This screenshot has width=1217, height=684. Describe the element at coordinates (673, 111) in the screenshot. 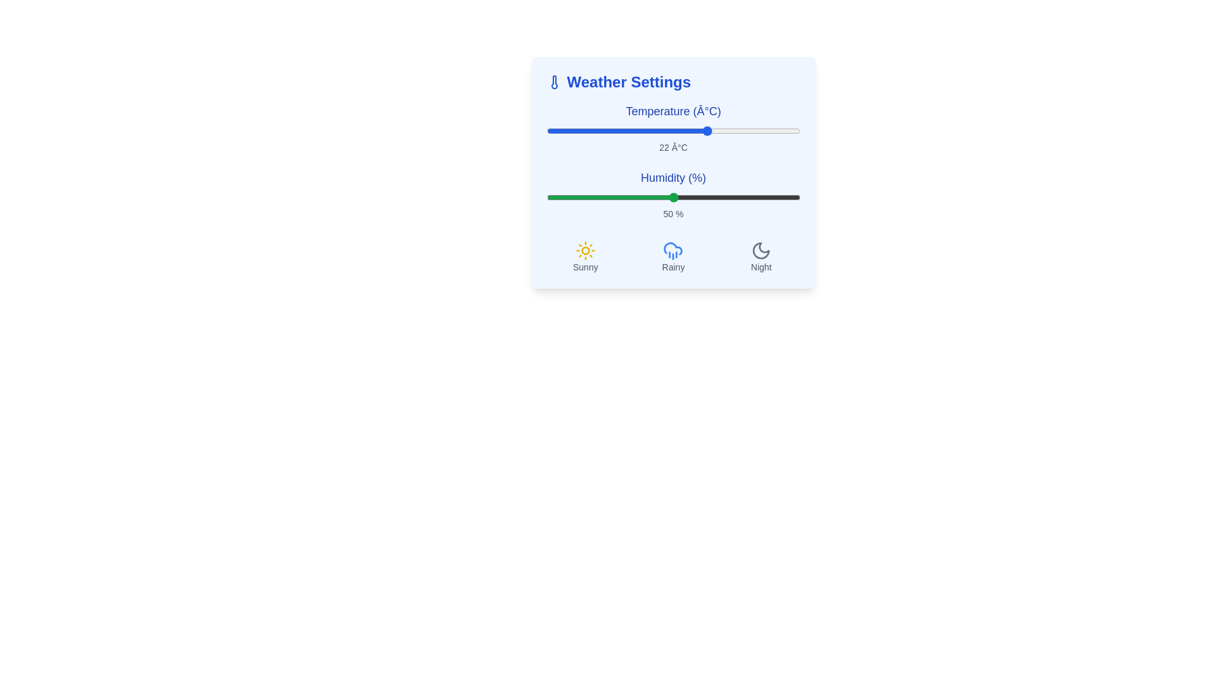

I see `the text label reading 'Temperature (°C)', which is styled with a larger font size, bold weight, and blue color, located at the upper portion of the temperature setting section` at that location.